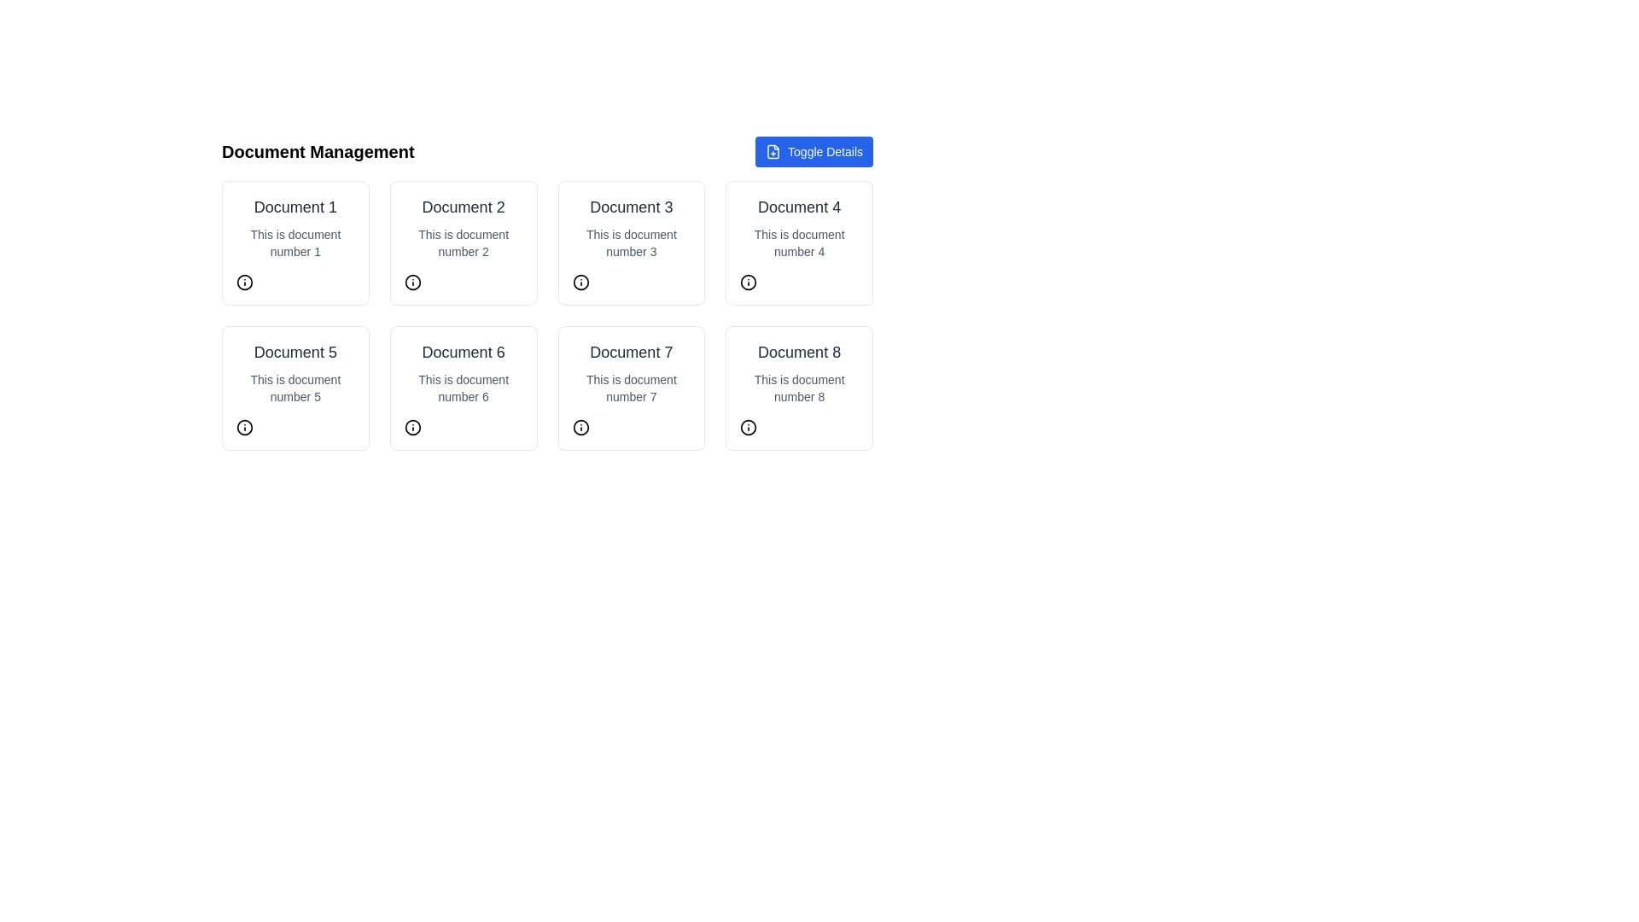 The height and width of the screenshot is (922, 1639). What do you see at coordinates (464, 388) in the screenshot?
I see `the text element reading 'This is document number 6', which is styled in gray and positioned below the title 'Document 6' in the 6th panel of the grid layout` at bounding box center [464, 388].